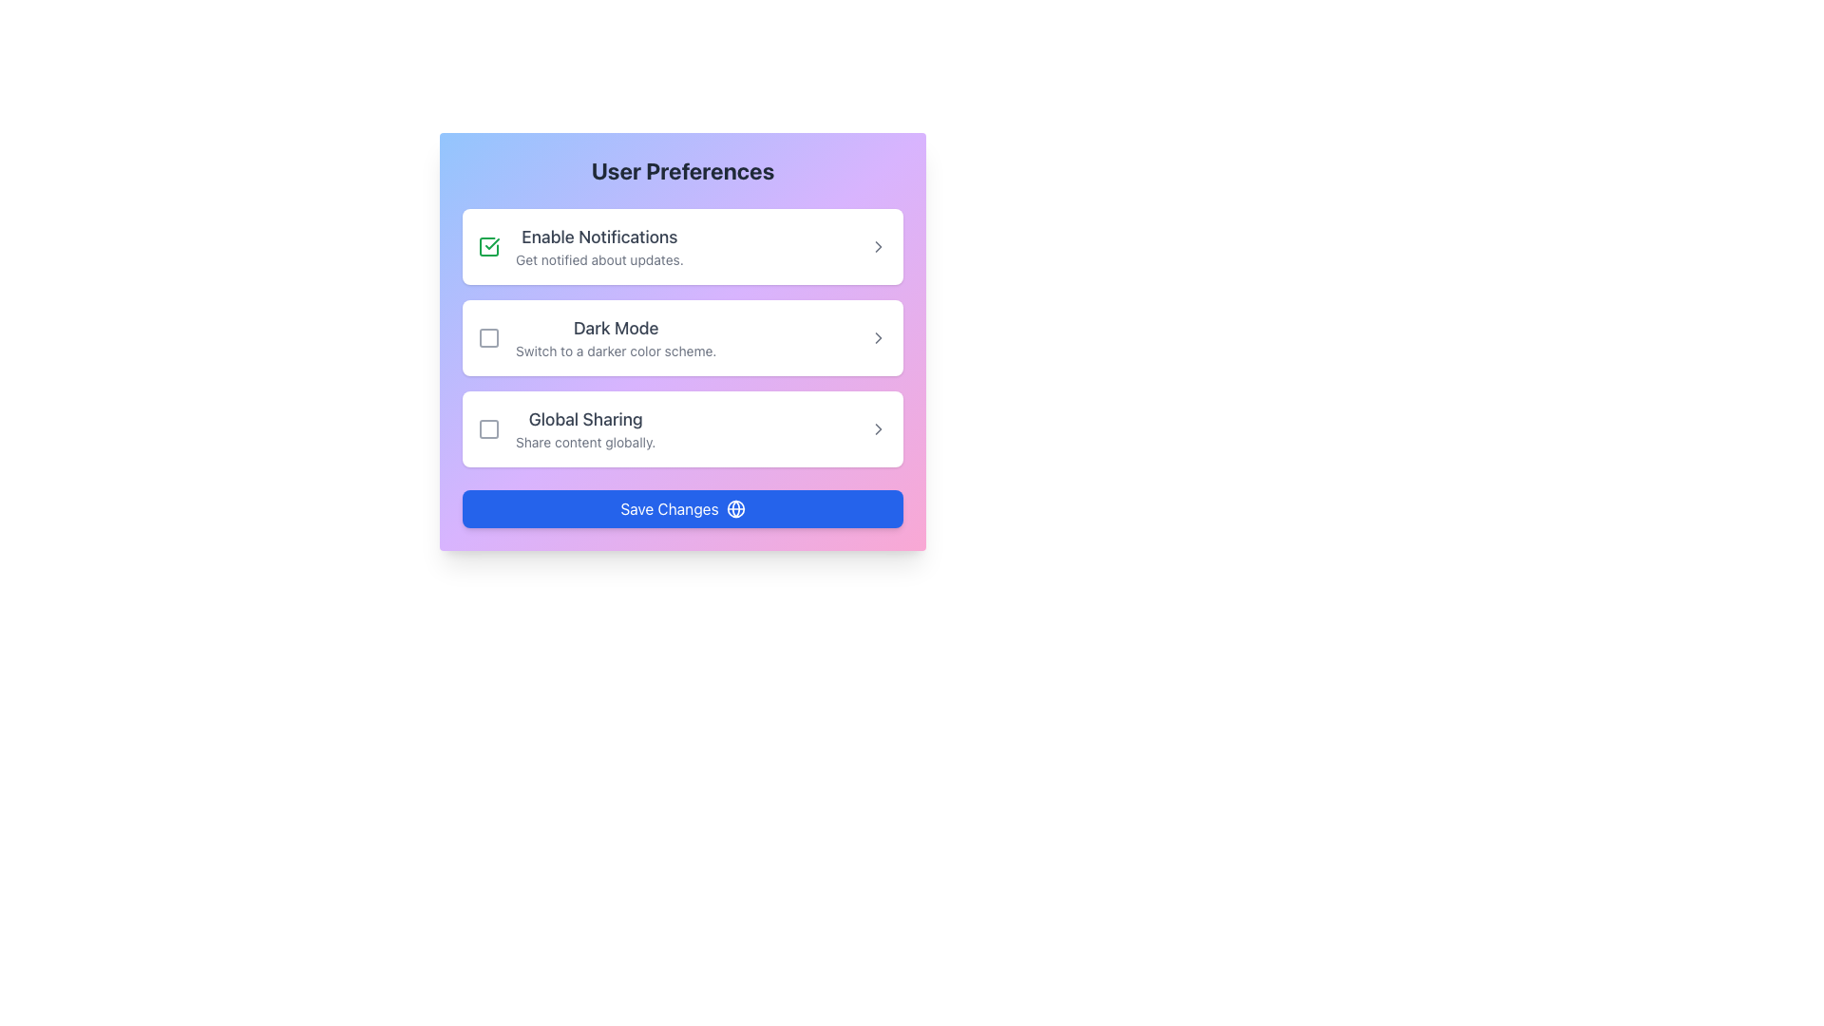  Describe the element at coordinates (584, 419) in the screenshot. I see `the primary label for the 'Global Sharing' feature option located in the 'User Preferences' section, which is centered above the subtitle 'Share content globally'` at that location.